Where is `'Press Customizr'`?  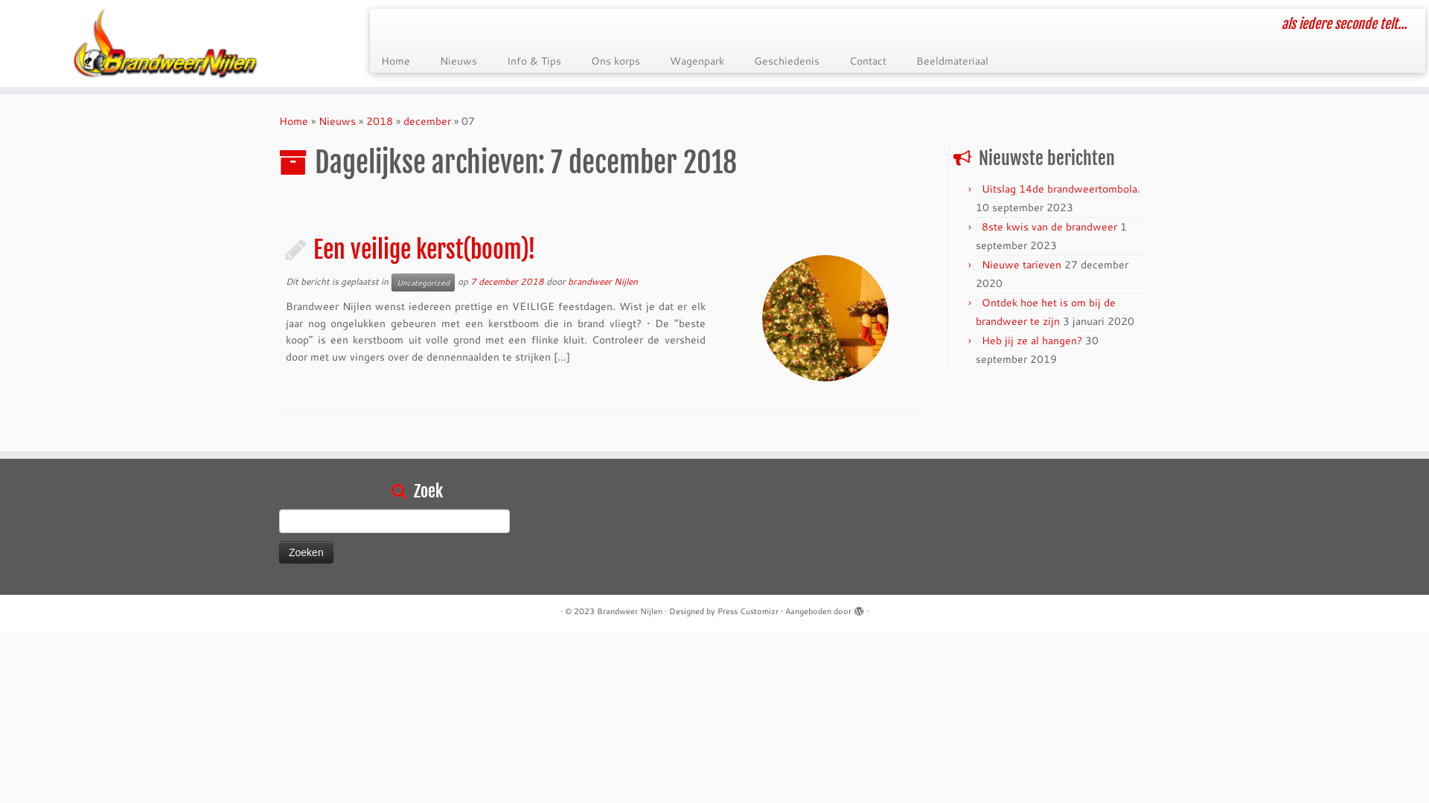 'Press Customizr' is located at coordinates (747, 611).